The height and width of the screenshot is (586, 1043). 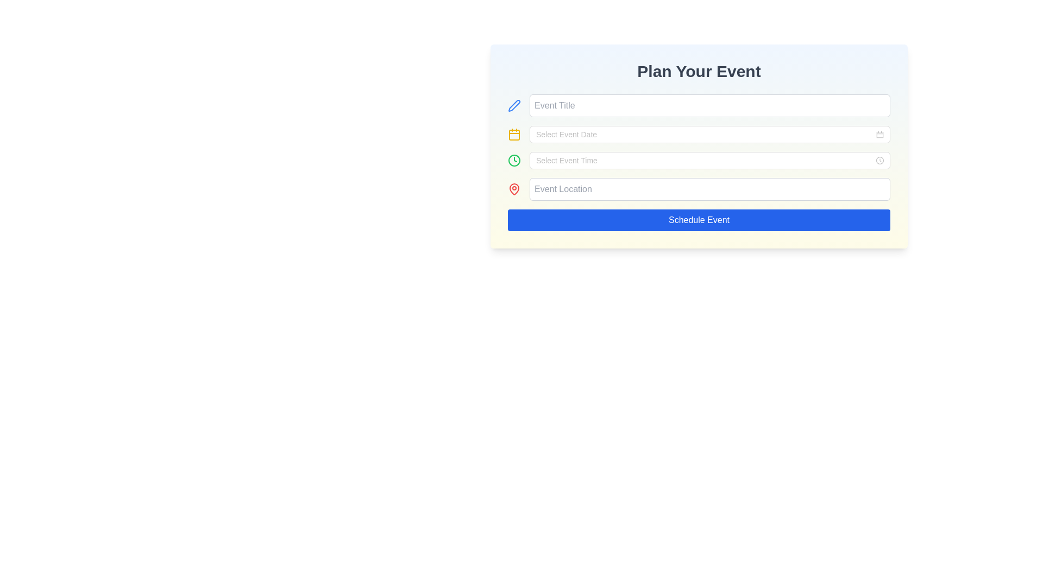 I want to click on the blue pen icon located to the left of the 'Event Title' input field, so click(x=513, y=106).